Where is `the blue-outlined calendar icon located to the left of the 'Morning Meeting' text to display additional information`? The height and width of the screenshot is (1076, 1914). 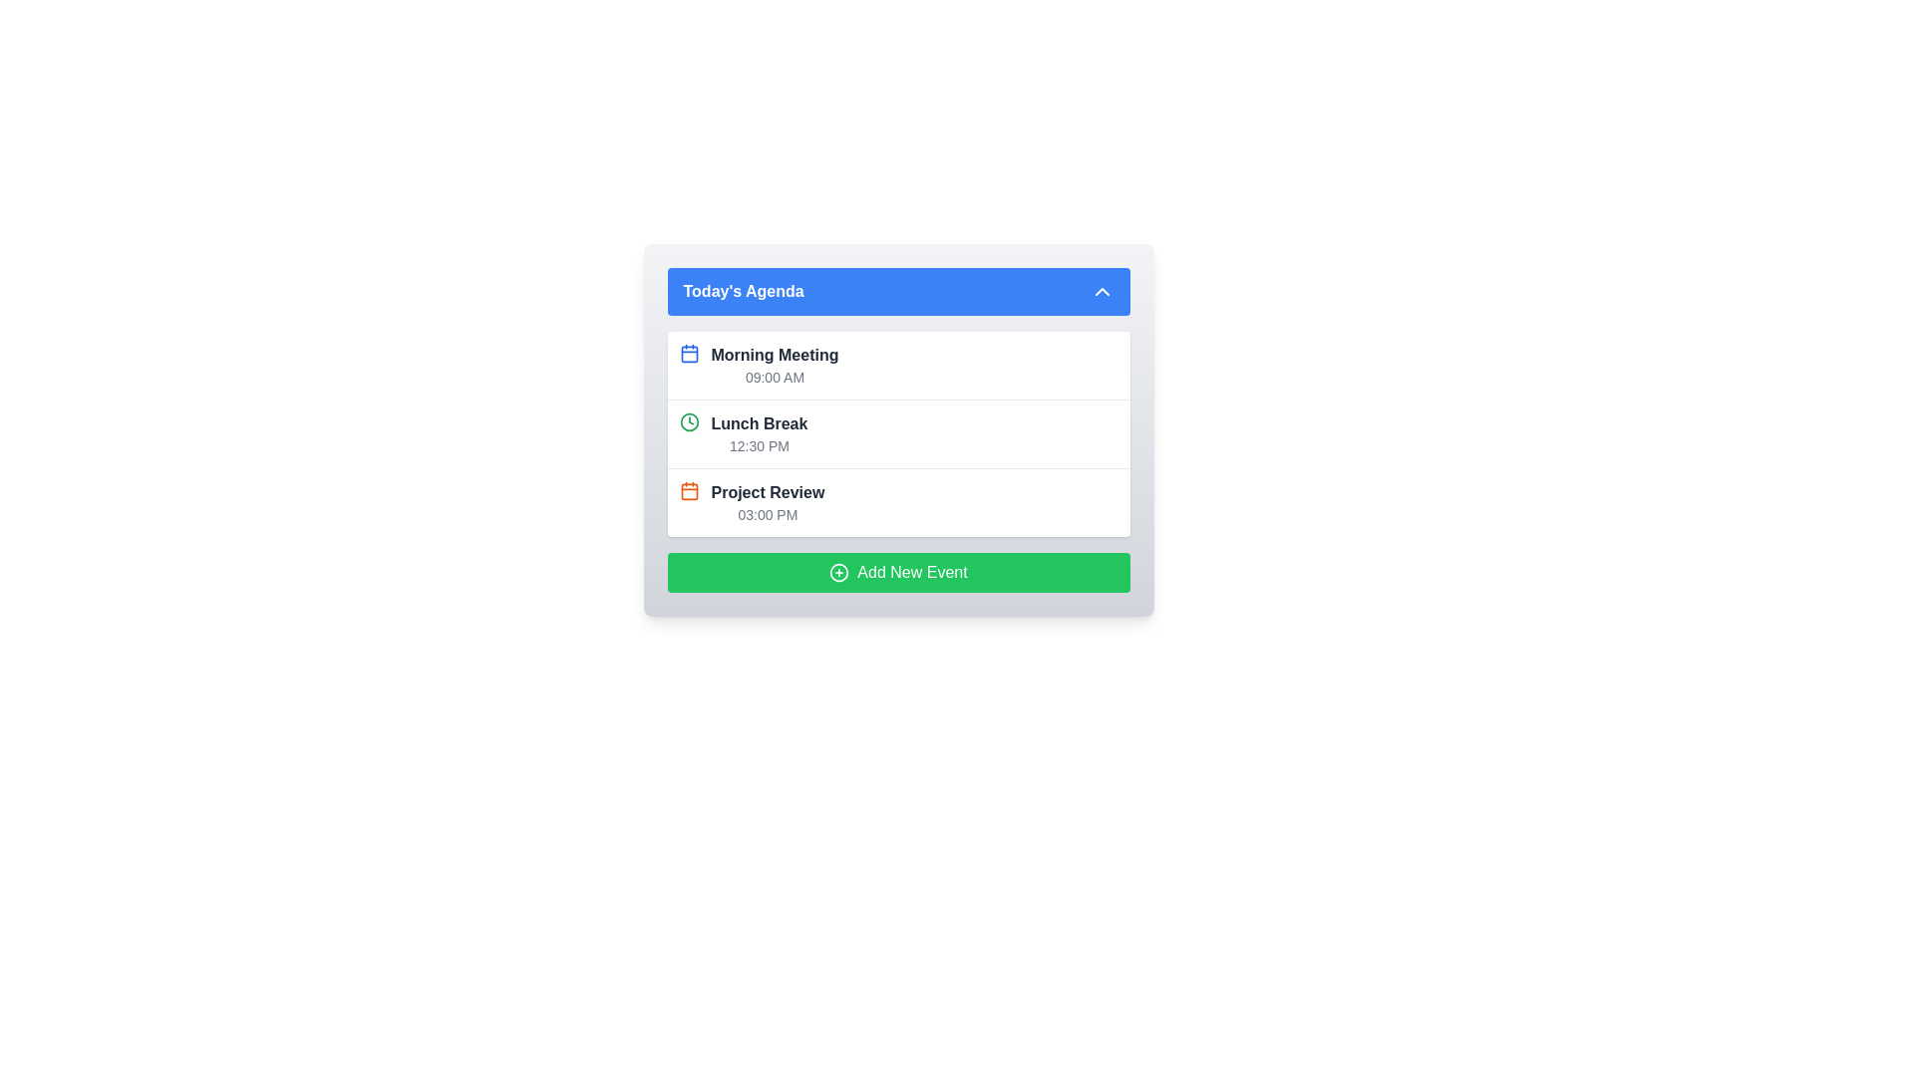
the blue-outlined calendar icon located to the left of the 'Morning Meeting' text to display additional information is located at coordinates (689, 365).